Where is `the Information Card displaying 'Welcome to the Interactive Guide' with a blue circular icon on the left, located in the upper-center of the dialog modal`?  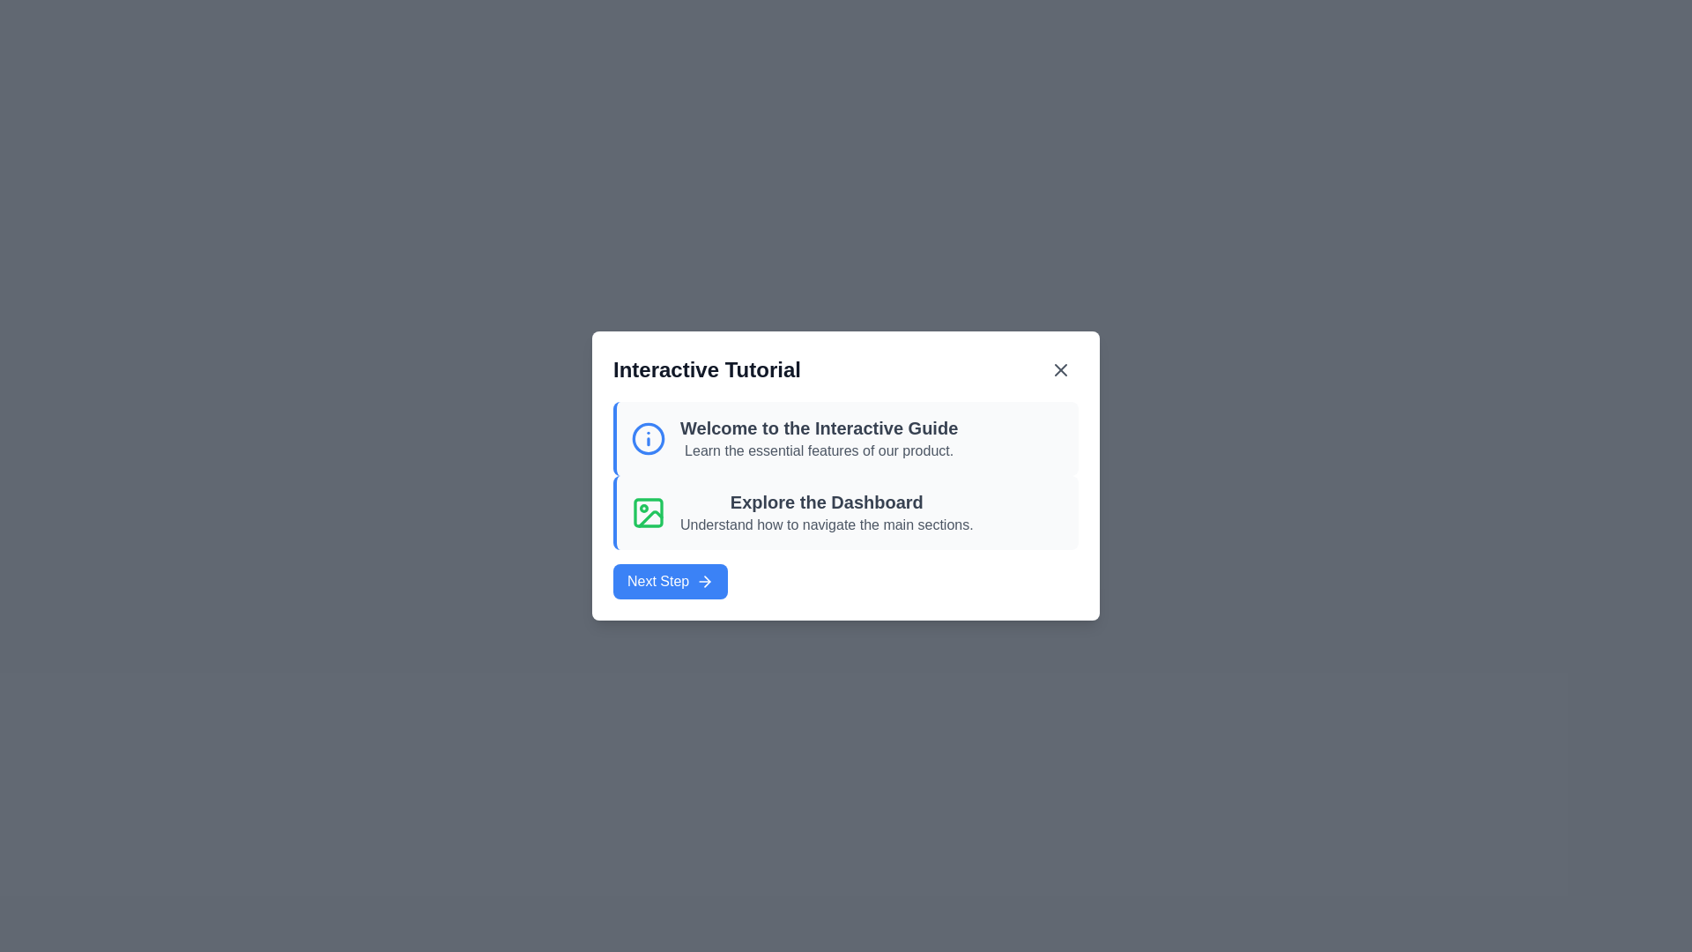 the Information Card displaying 'Welcome to the Interactive Guide' with a blue circular icon on the left, located in the upper-center of the dialog modal is located at coordinates (846, 437).